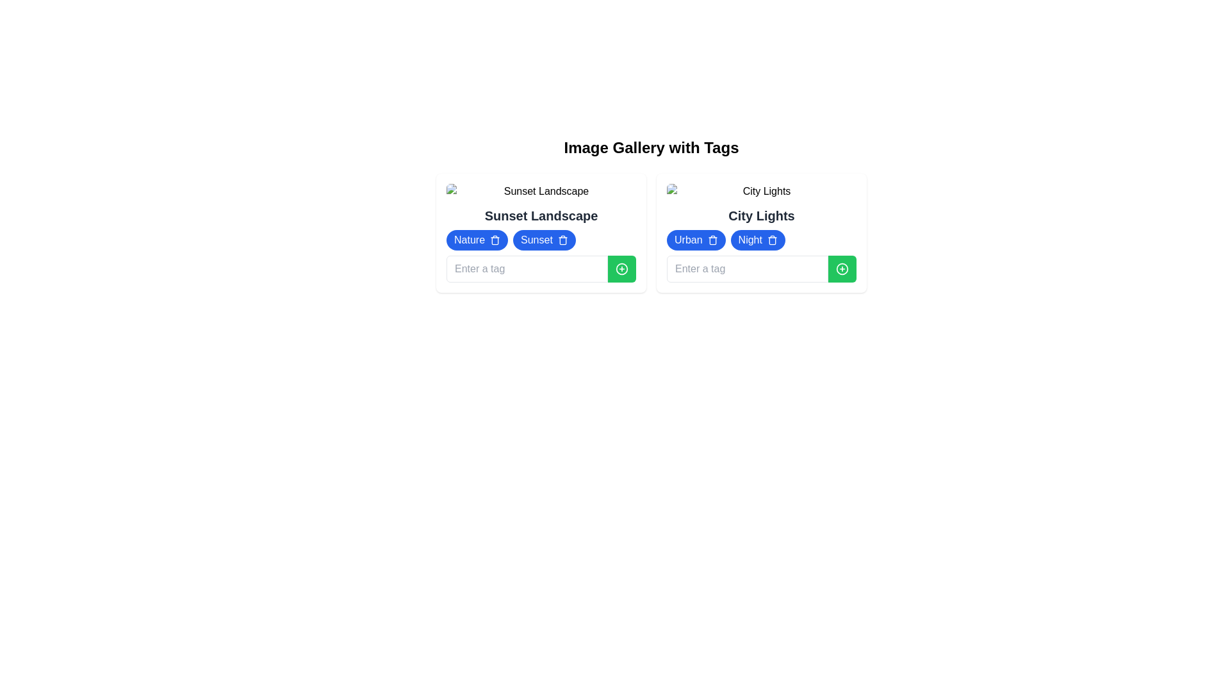 The width and height of the screenshot is (1230, 692). I want to click on the add new tag button, located within the 'City Lights' card, so click(842, 268).